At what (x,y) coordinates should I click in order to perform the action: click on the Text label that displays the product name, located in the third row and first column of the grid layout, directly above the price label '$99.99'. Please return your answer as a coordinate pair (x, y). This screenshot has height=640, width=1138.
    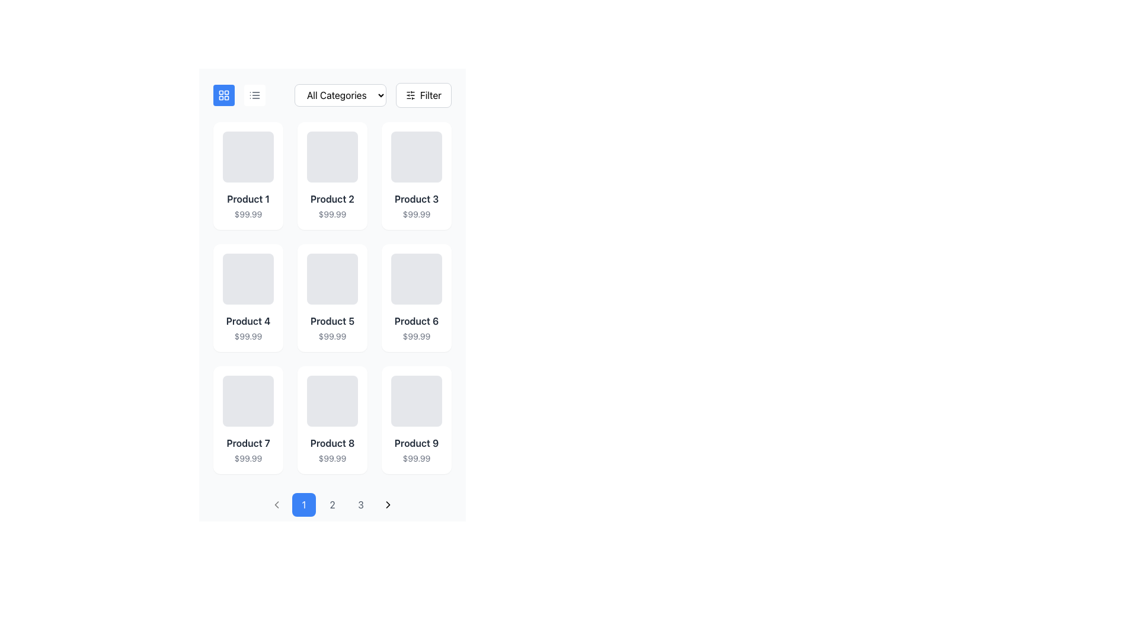
    Looking at the image, I should click on (247, 443).